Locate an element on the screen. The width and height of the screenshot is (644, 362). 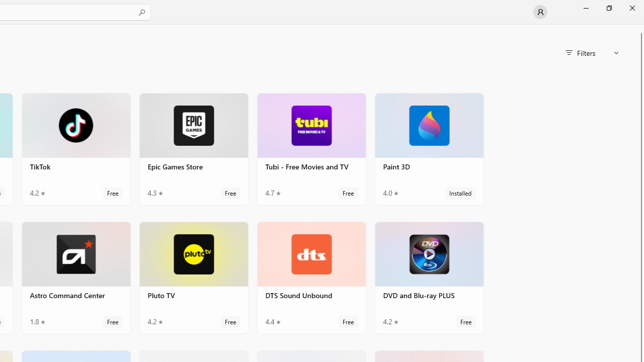
'TikTok. Average rating of 4.2 out of five stars. Free  ' is located at coordinates (75, 149).